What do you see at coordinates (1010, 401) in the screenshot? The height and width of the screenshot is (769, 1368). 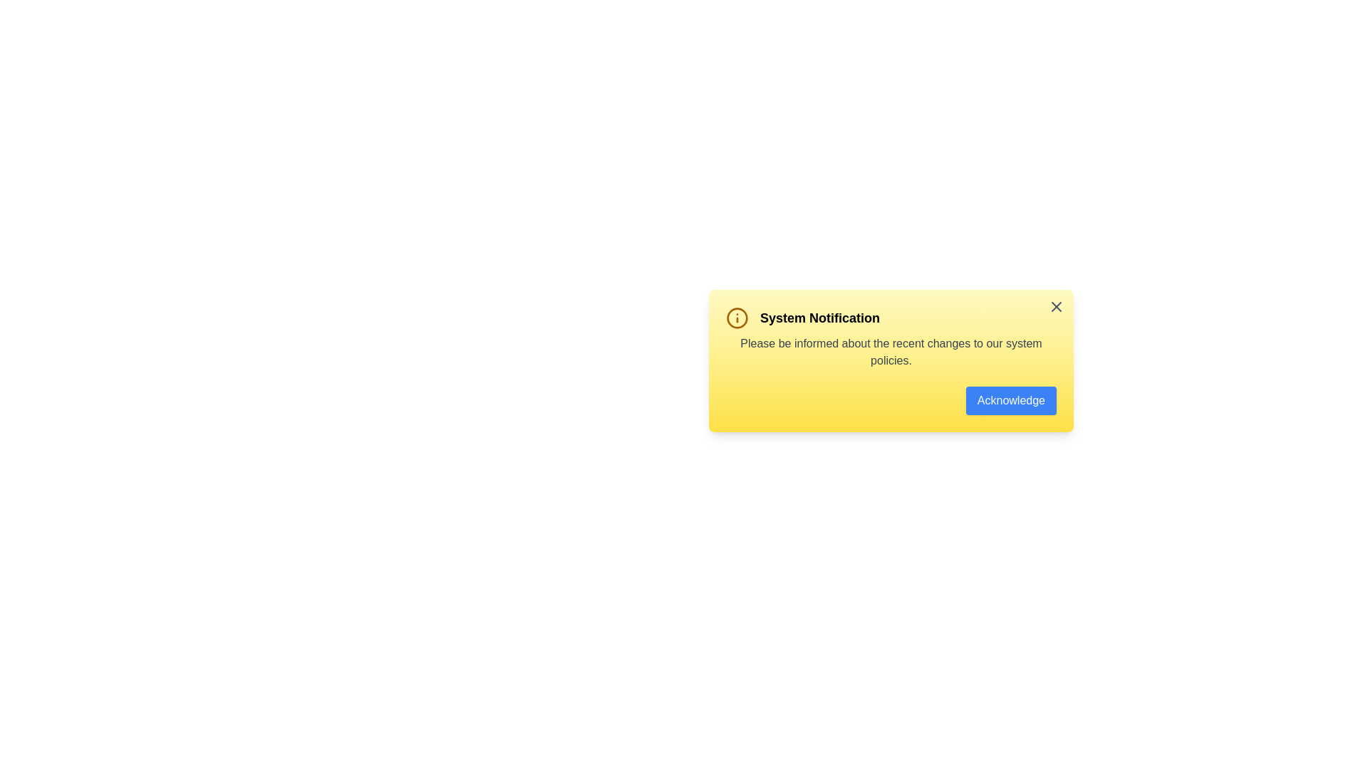 I see `the 'Acknowledge' button to acknowledge the notification` at bounding box center [1010, 401].